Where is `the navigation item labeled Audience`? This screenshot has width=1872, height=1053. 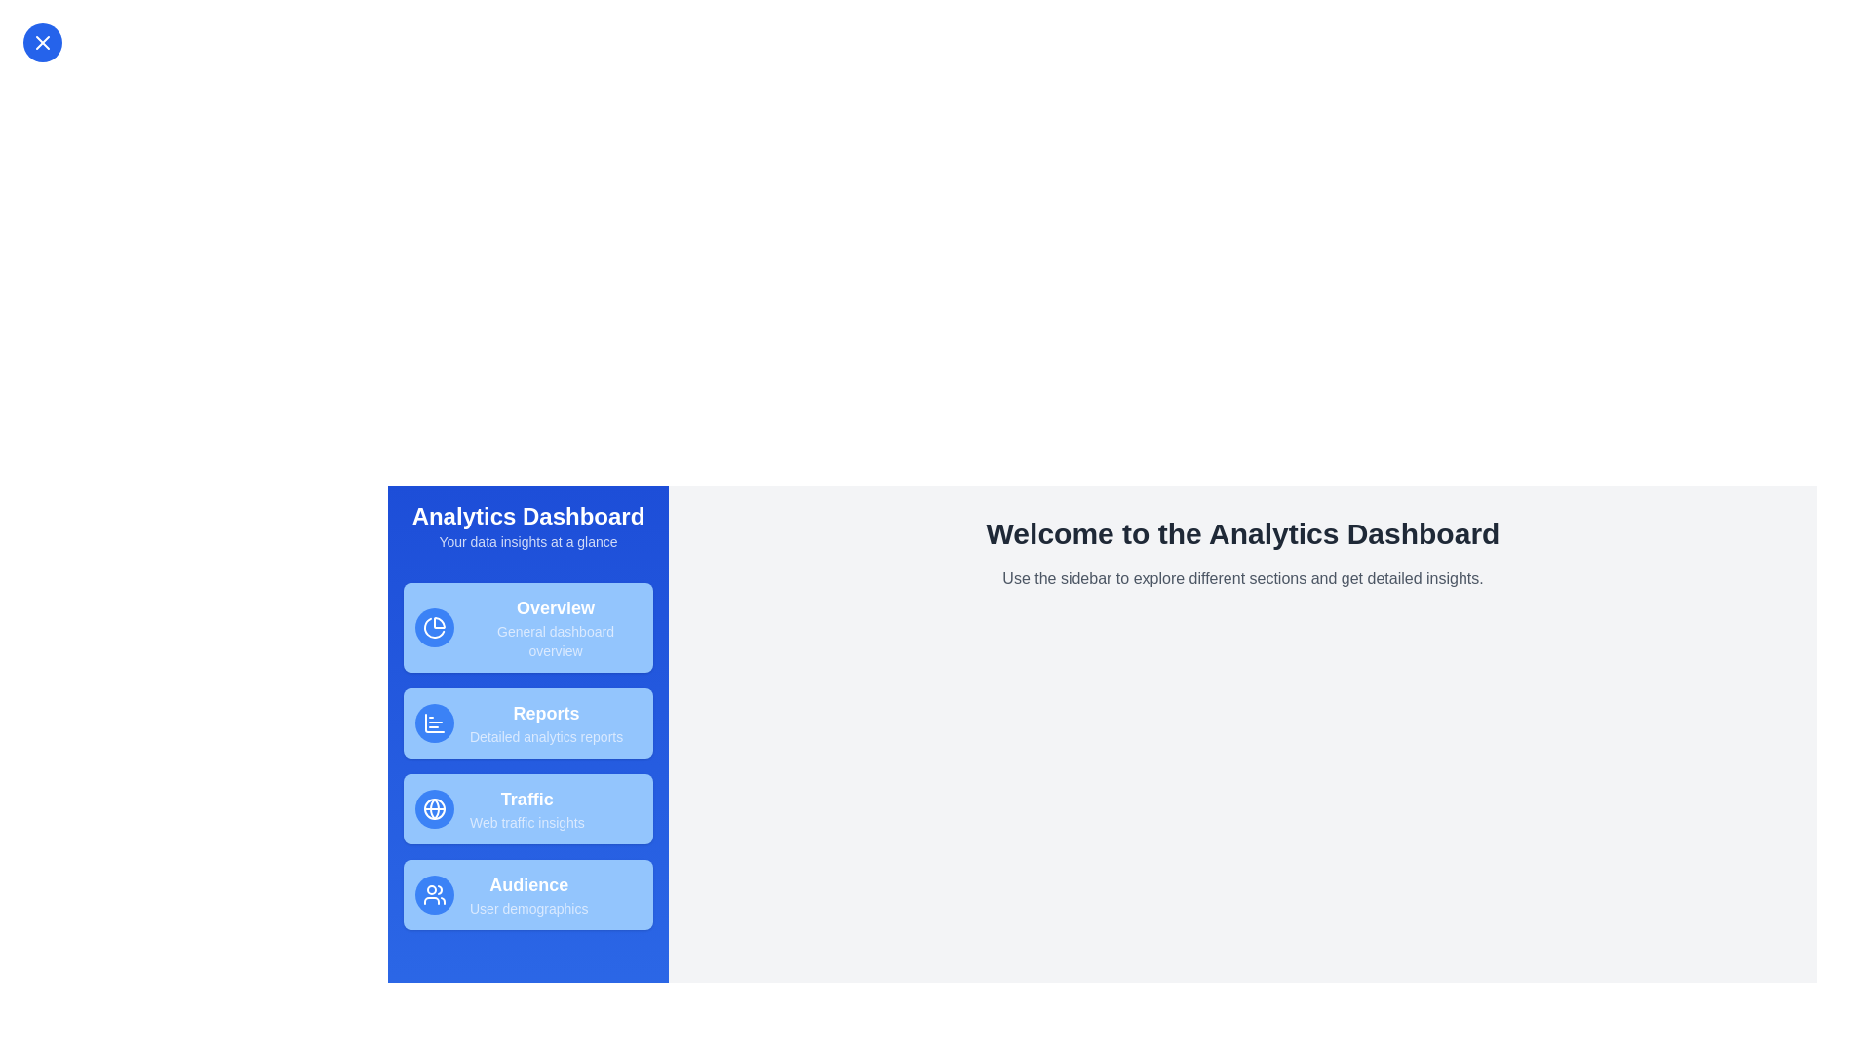 the navigation item labeled Audience is located at coordinates (528, 895).